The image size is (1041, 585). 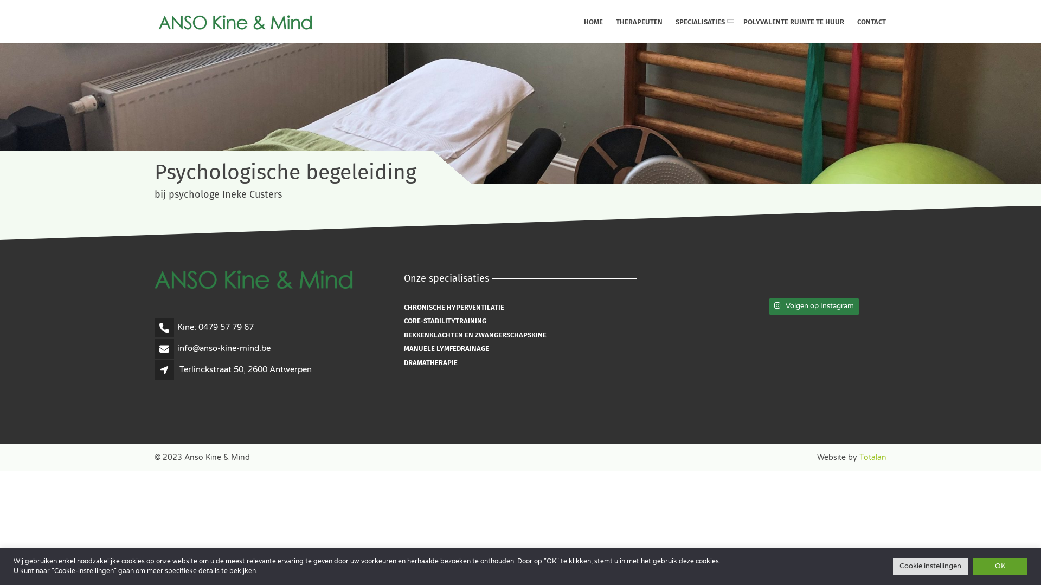 I want to click on 'DRAMATHERAPIE', so click(x=430, y=363).